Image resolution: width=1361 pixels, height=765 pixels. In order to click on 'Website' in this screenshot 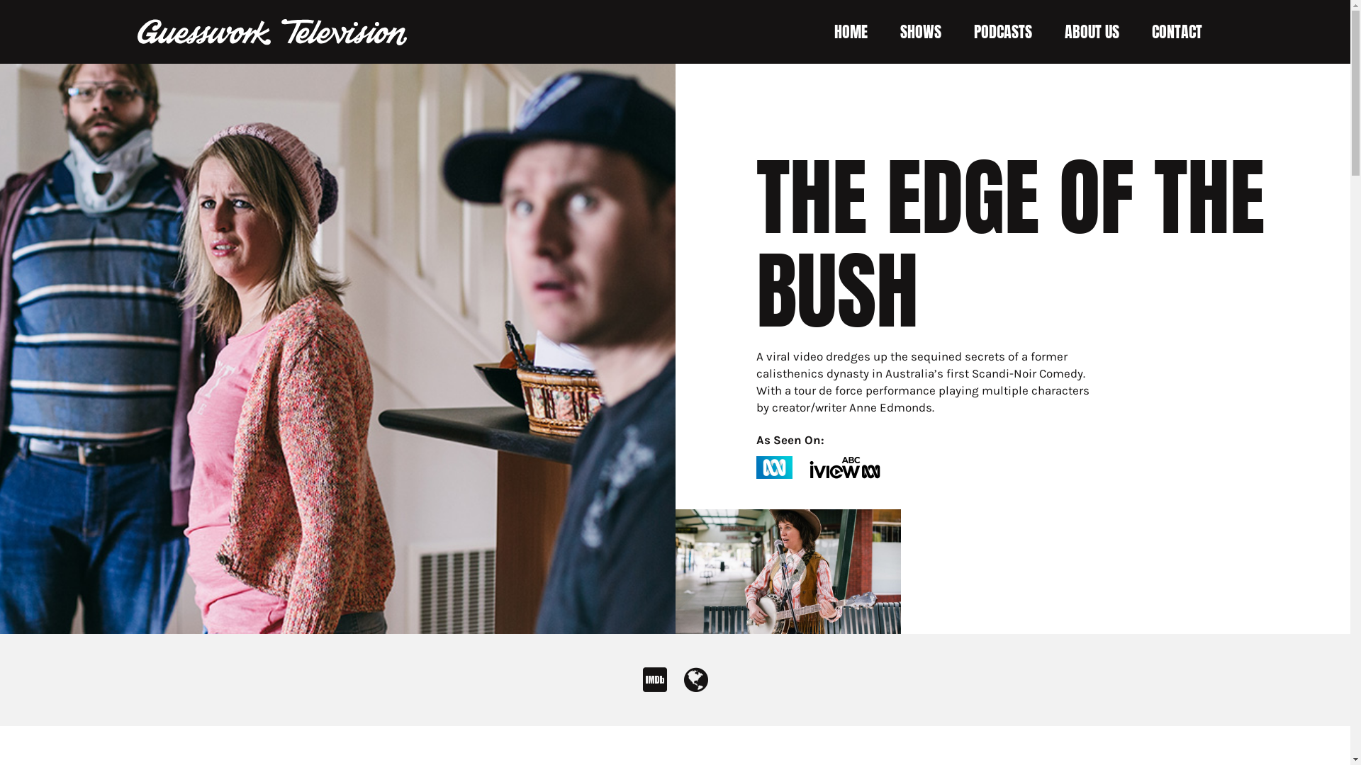, I will do `click(695, 685)`.